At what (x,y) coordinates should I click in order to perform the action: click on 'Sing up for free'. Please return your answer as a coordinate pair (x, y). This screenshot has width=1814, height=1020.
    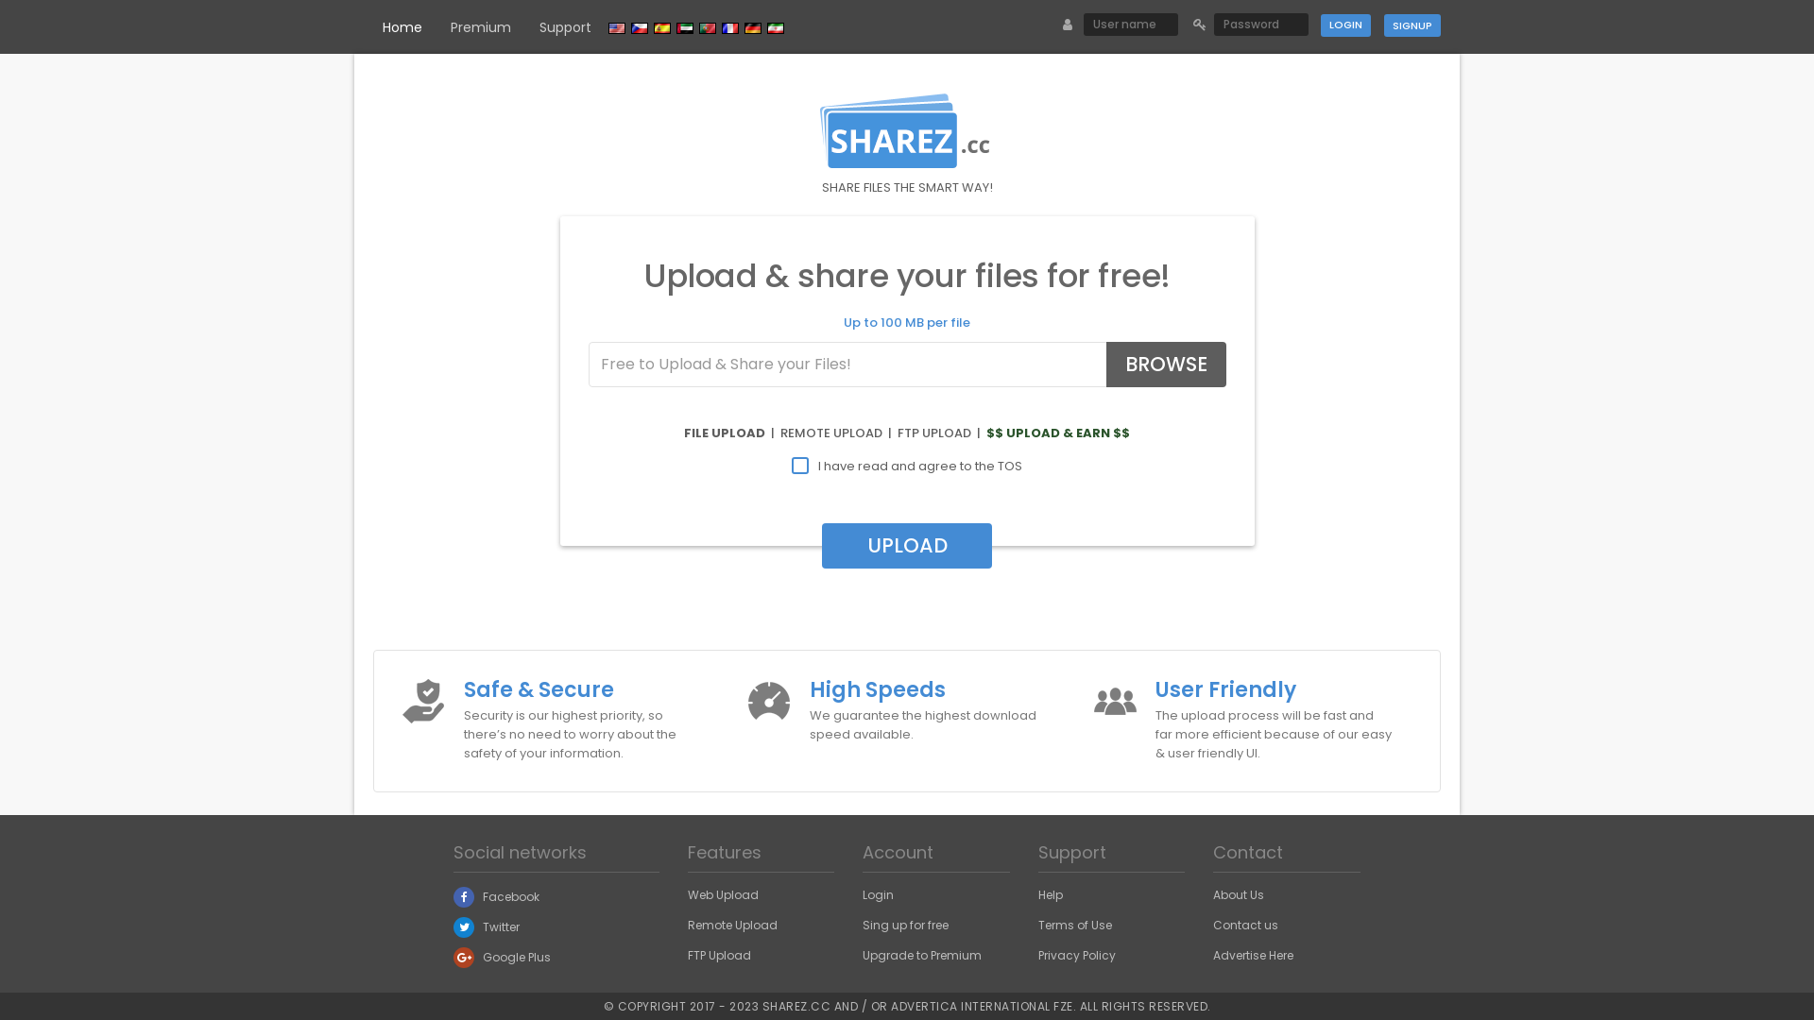
    Looking at the image, I should click on (861, 924).